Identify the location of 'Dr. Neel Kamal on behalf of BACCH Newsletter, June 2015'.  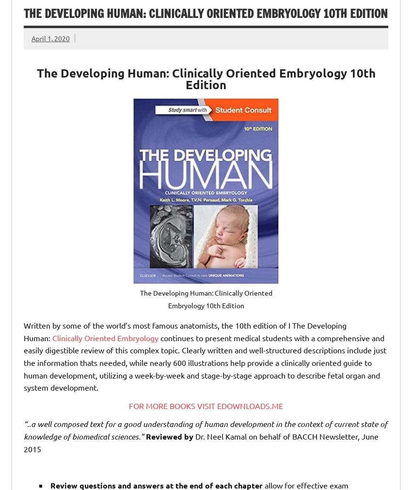
(201, 442).